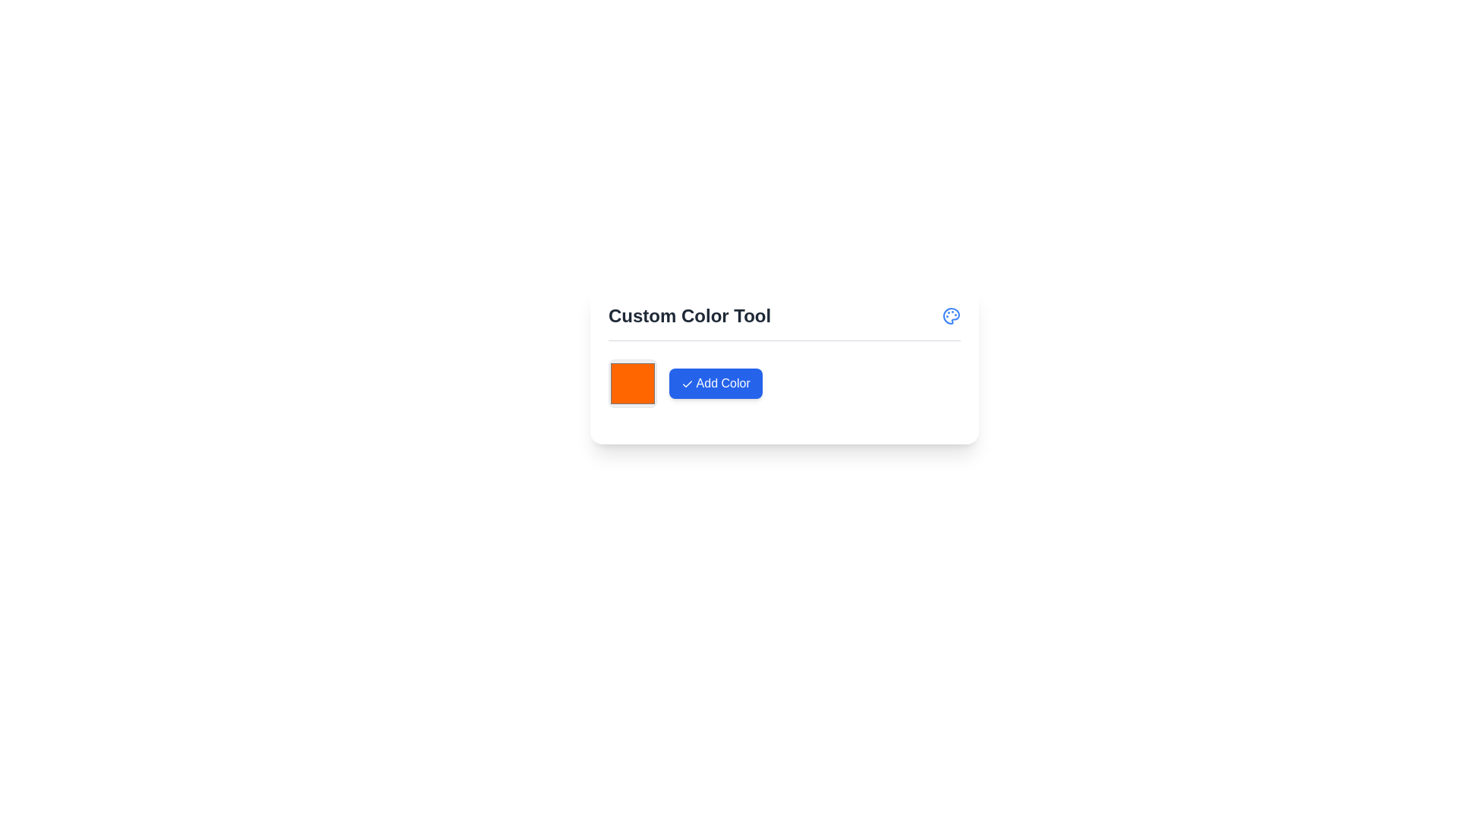  I want to click on the color palette icon located at the far right end of the header bar aligned with the 'Custom Color Tool' title, so click(950, 315).